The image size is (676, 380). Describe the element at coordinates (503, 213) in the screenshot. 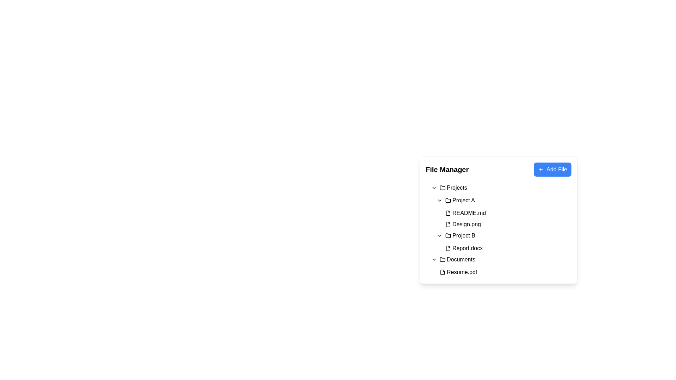

I see `on the file listing entry labeled 'README.md' in the 'File Manager'` at that location.